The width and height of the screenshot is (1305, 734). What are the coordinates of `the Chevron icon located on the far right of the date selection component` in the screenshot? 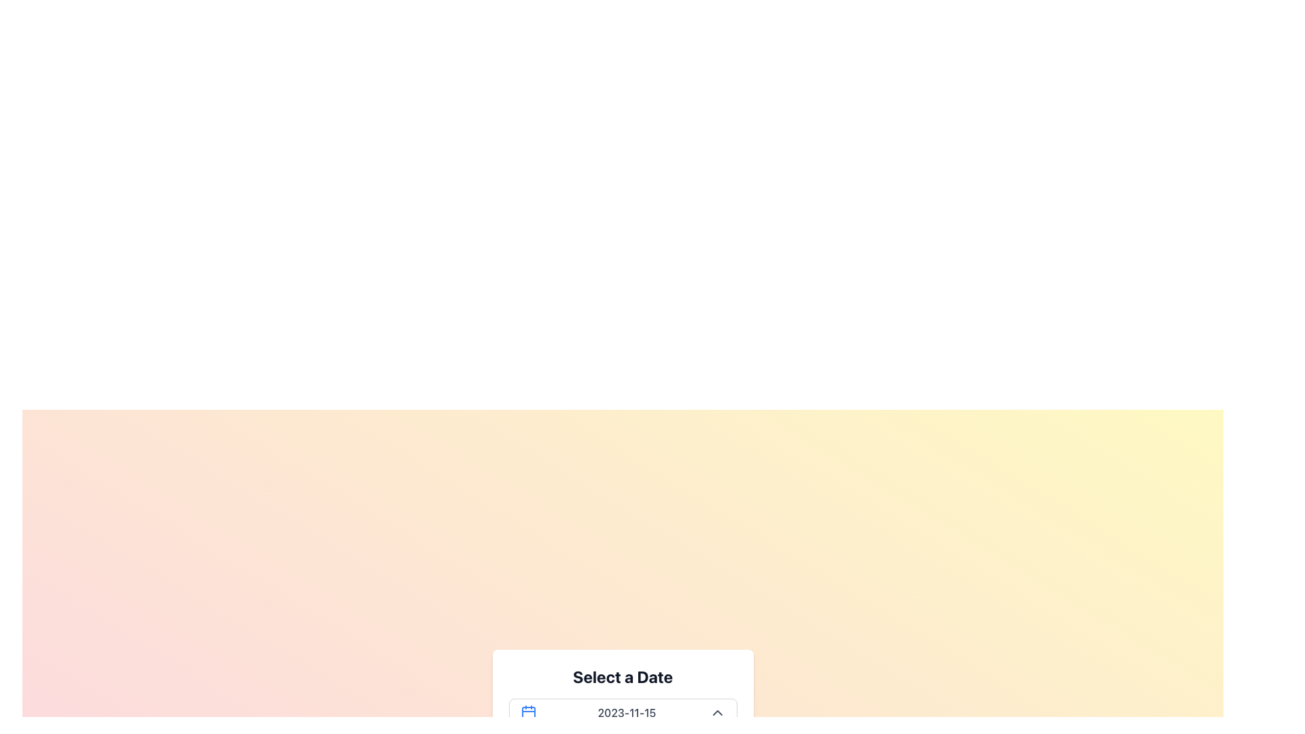 It's located at (716, 712).